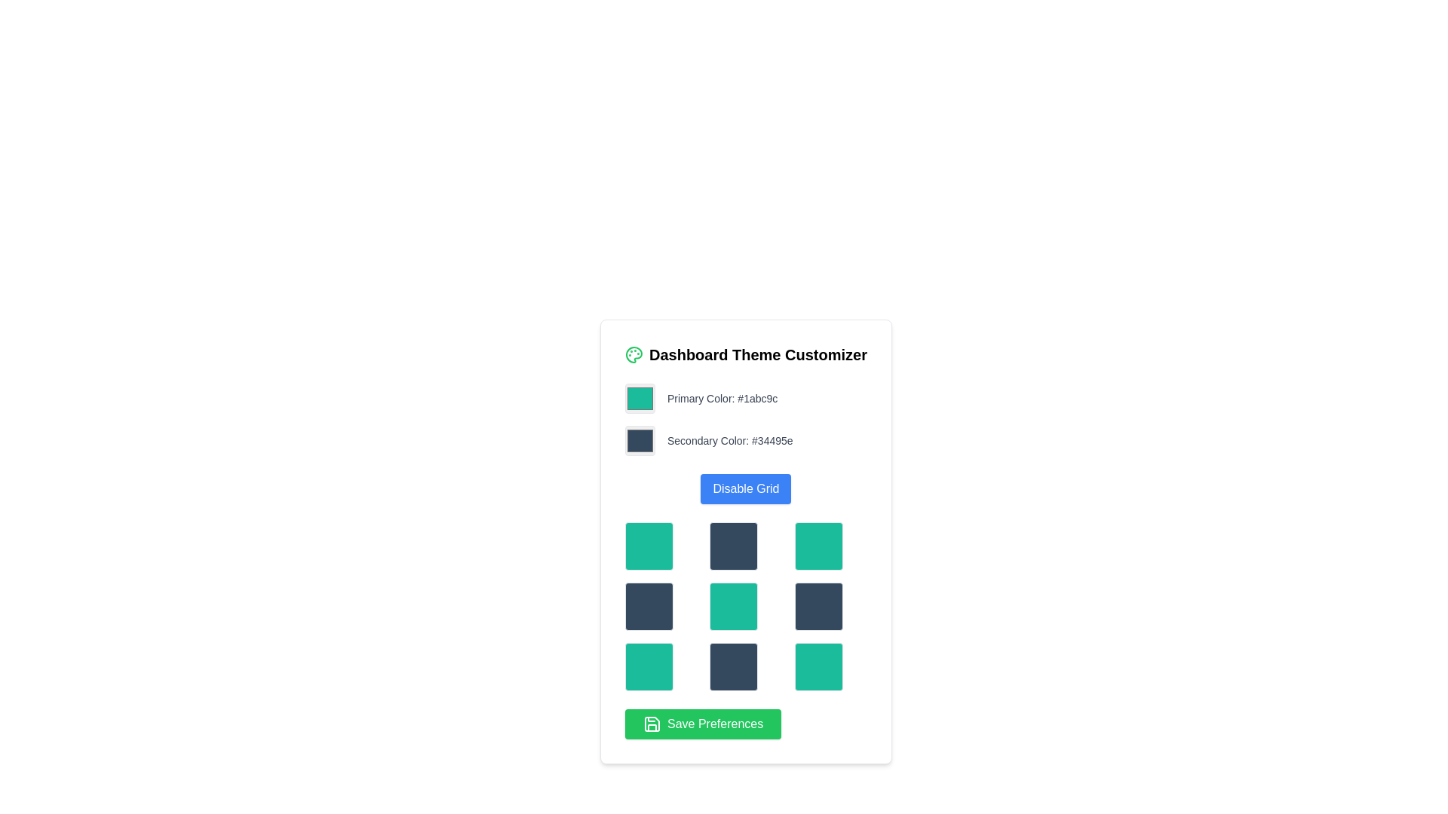 This screenshot has width=1448, height=814. I want to click on the leftmost Selectable Tile in the second row of the 3x3 grid, so click(649, 606).